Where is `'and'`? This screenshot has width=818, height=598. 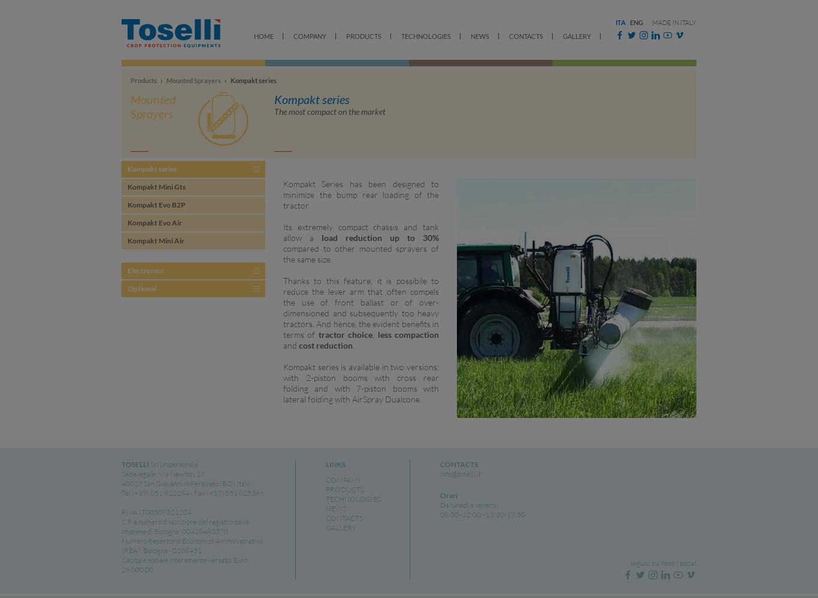
'and' is located at coordinates (283, 344).